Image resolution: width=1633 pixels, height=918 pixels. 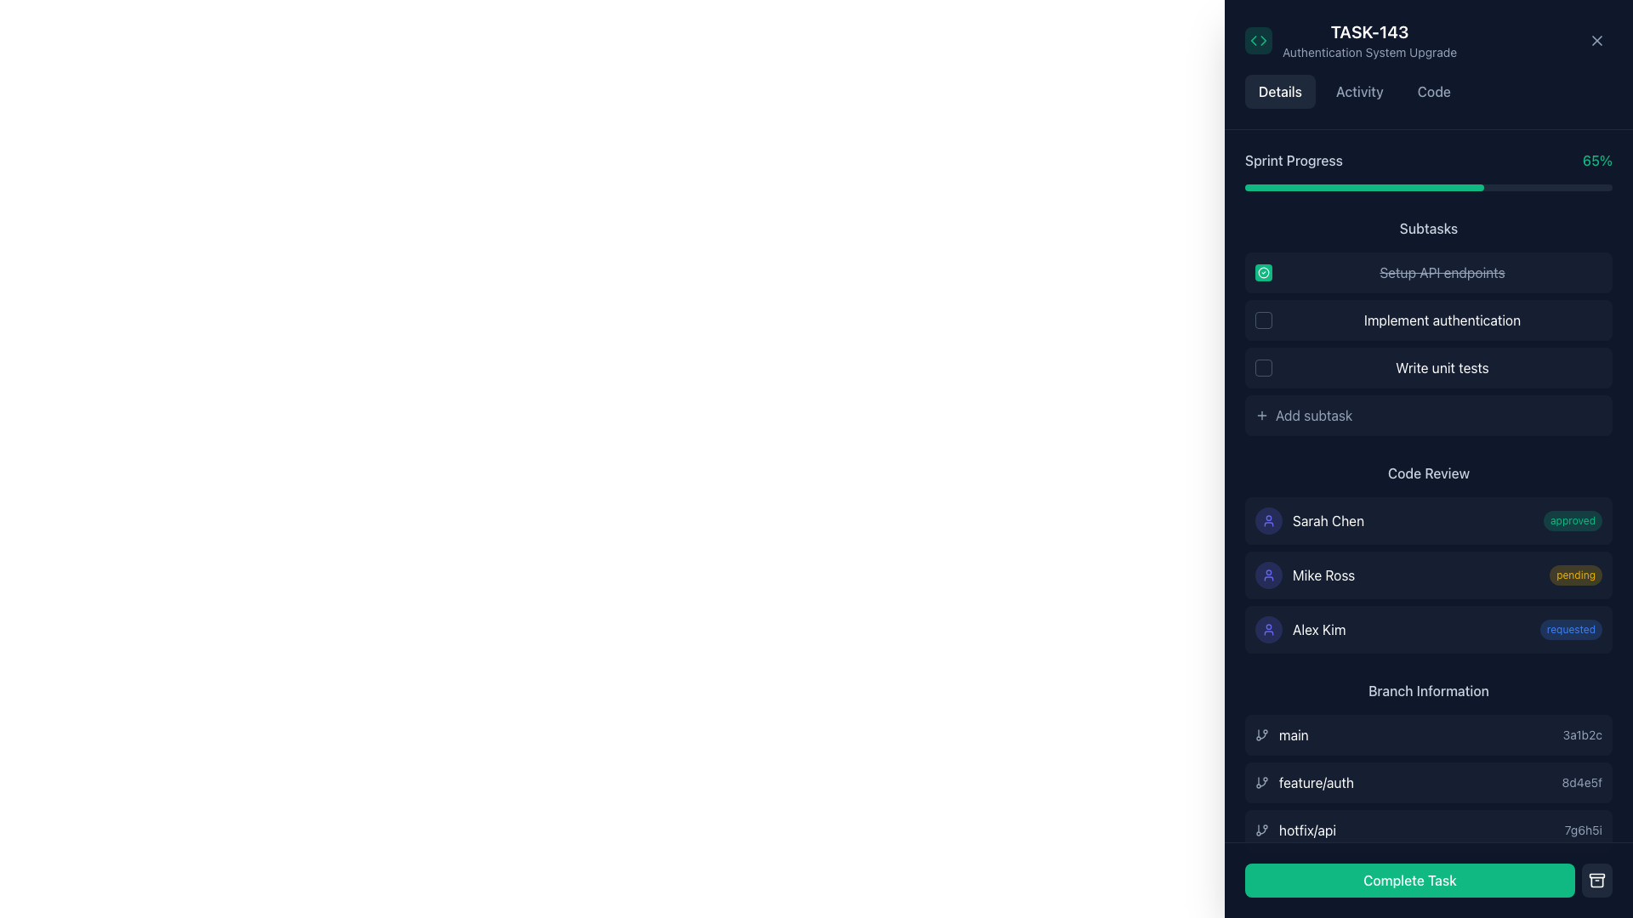 What do you see at coordinates (1429, 629) in the screenshot?
I see `the last list item in the vertical group titled 'Code Review', which indicates a specific user action or status in the code review process` at bounding box center [1429, 629].